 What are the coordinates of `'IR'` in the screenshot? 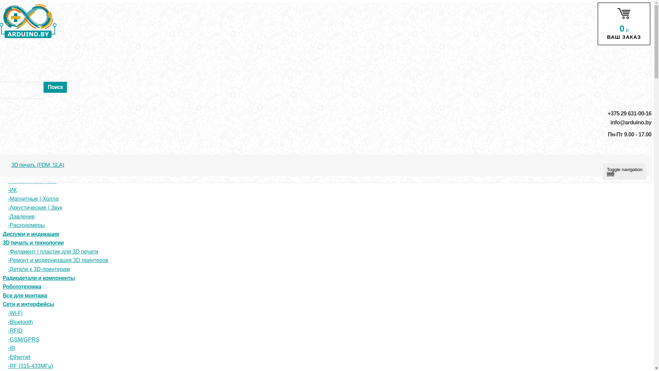 It's located at (11, 348).